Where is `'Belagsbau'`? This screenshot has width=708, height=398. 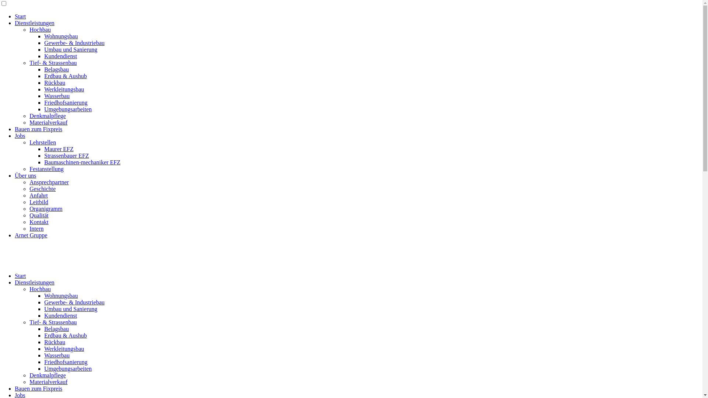
'Belagsbau' is located at coordinates (56, 328).